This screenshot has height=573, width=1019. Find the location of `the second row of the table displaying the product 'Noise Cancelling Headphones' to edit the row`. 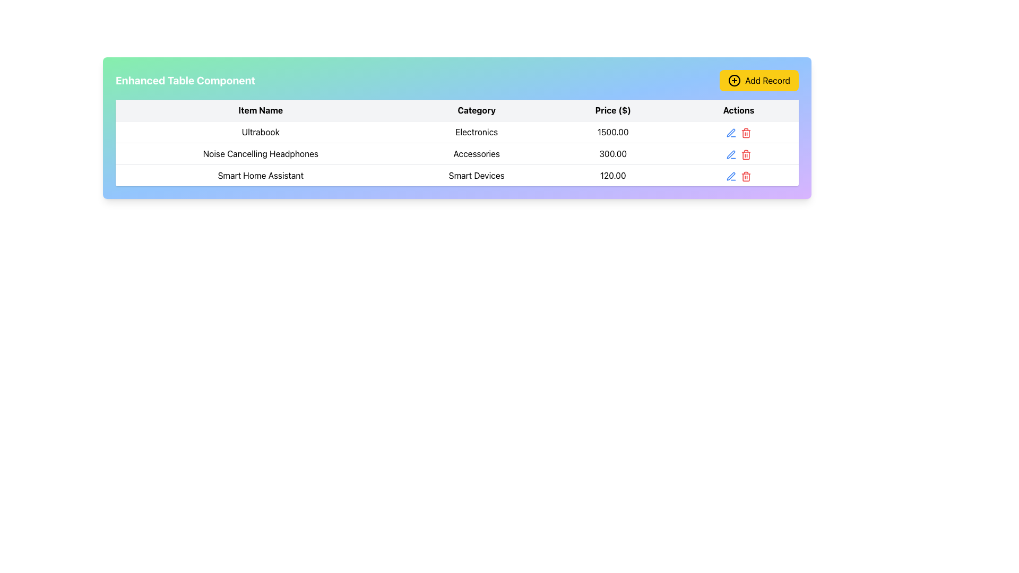

the second row of the table displaying the product 'Noise Cancelling Headphones' to edit the row is located at coordinates (457, 153).